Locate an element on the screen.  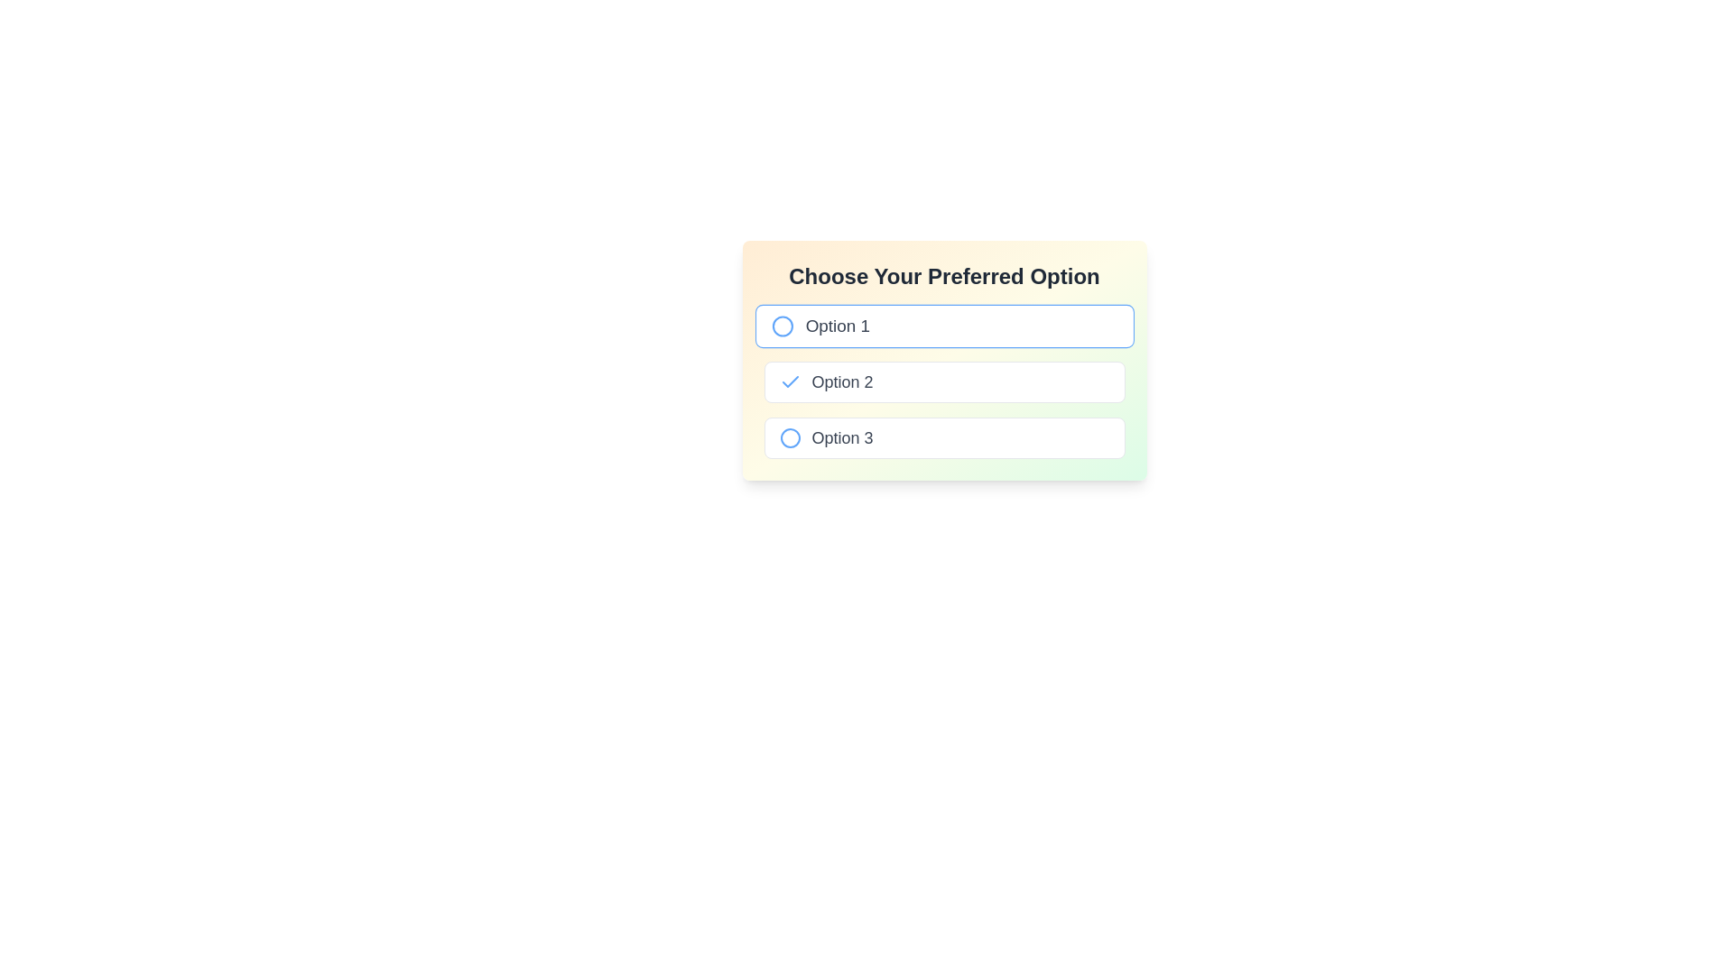
the 'Option 3' radio button is located at coordinates (943, 438).